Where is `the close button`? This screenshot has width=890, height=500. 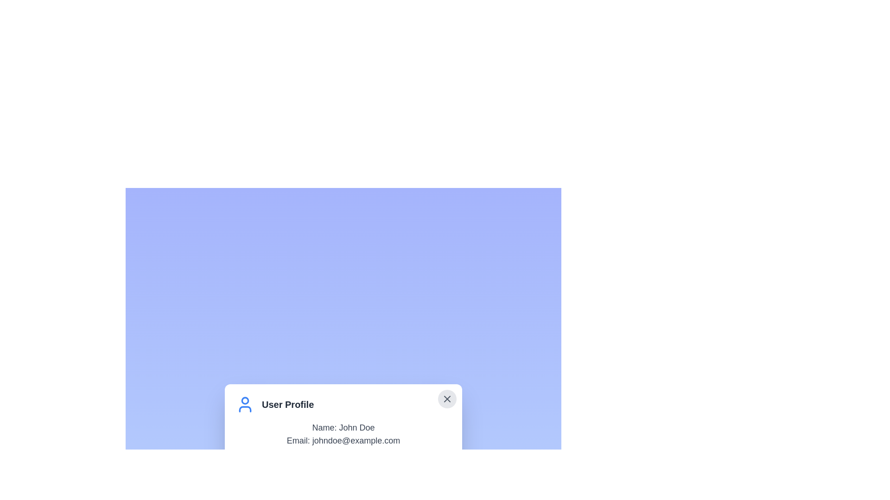 the close button is located at coordinates (447, 398).